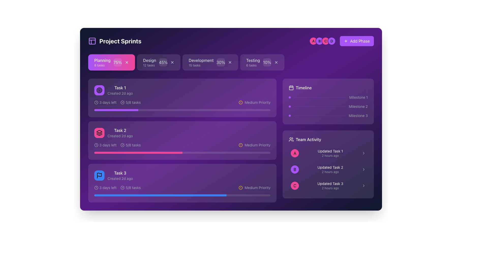 This screenshot has width=488, height=274. I want to click on the right-pointing chevron icon located to the right of the 'Updated Task 3' text in the 'Team Activity' section, so click(363, 186).